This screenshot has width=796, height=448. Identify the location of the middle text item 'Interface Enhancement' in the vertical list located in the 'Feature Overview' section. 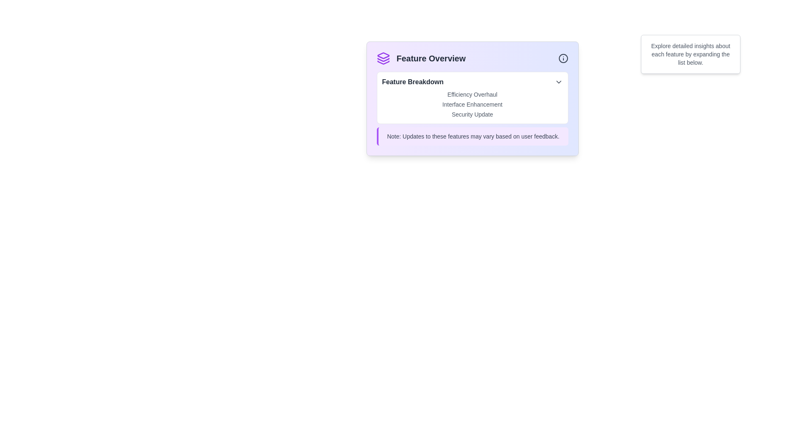
(472, 108).